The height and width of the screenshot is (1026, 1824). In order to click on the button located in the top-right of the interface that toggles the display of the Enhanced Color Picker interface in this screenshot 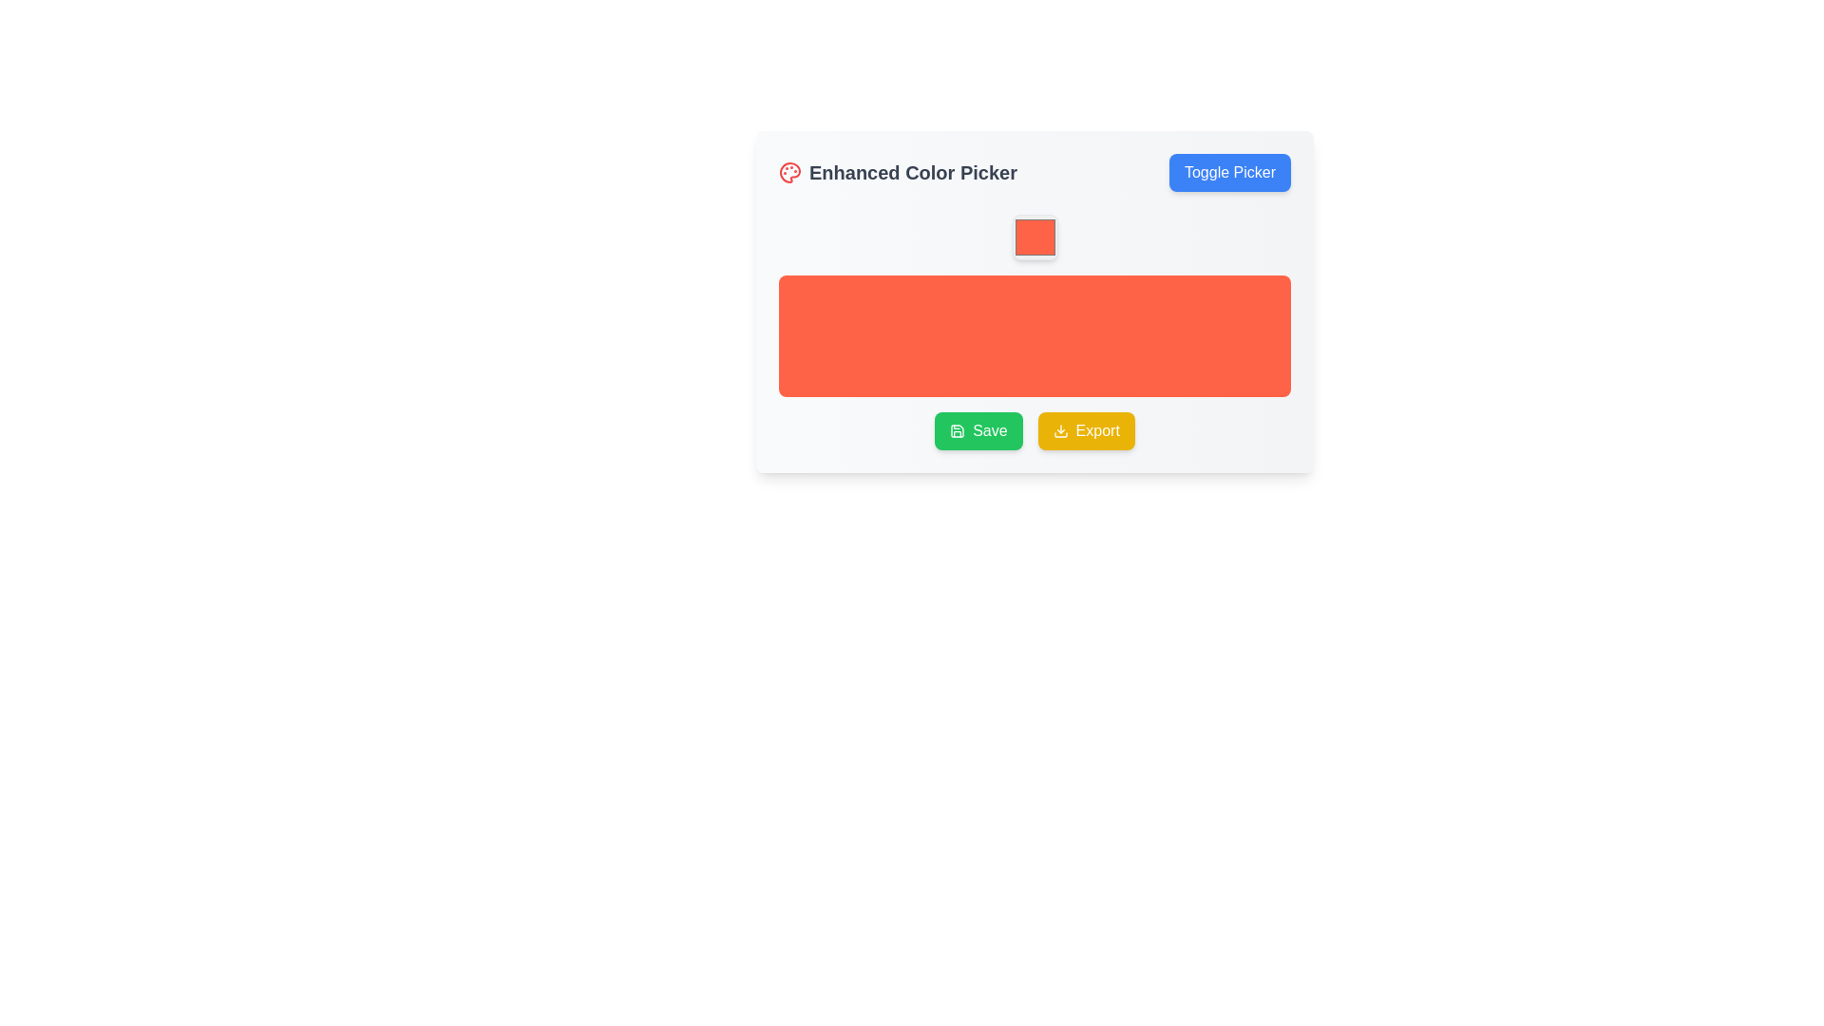, I will do `click(1230, 172)`.